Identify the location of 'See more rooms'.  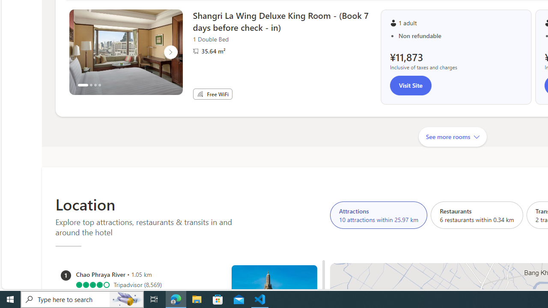
(452, 136).